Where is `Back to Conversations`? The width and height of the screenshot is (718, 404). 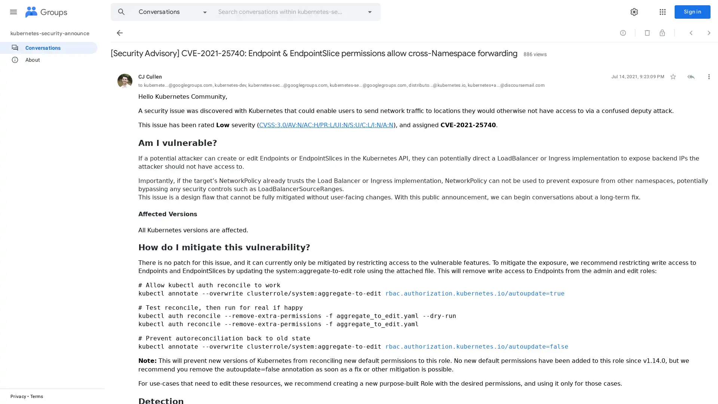 Back to Conversations is located at coordinates (120, 33).